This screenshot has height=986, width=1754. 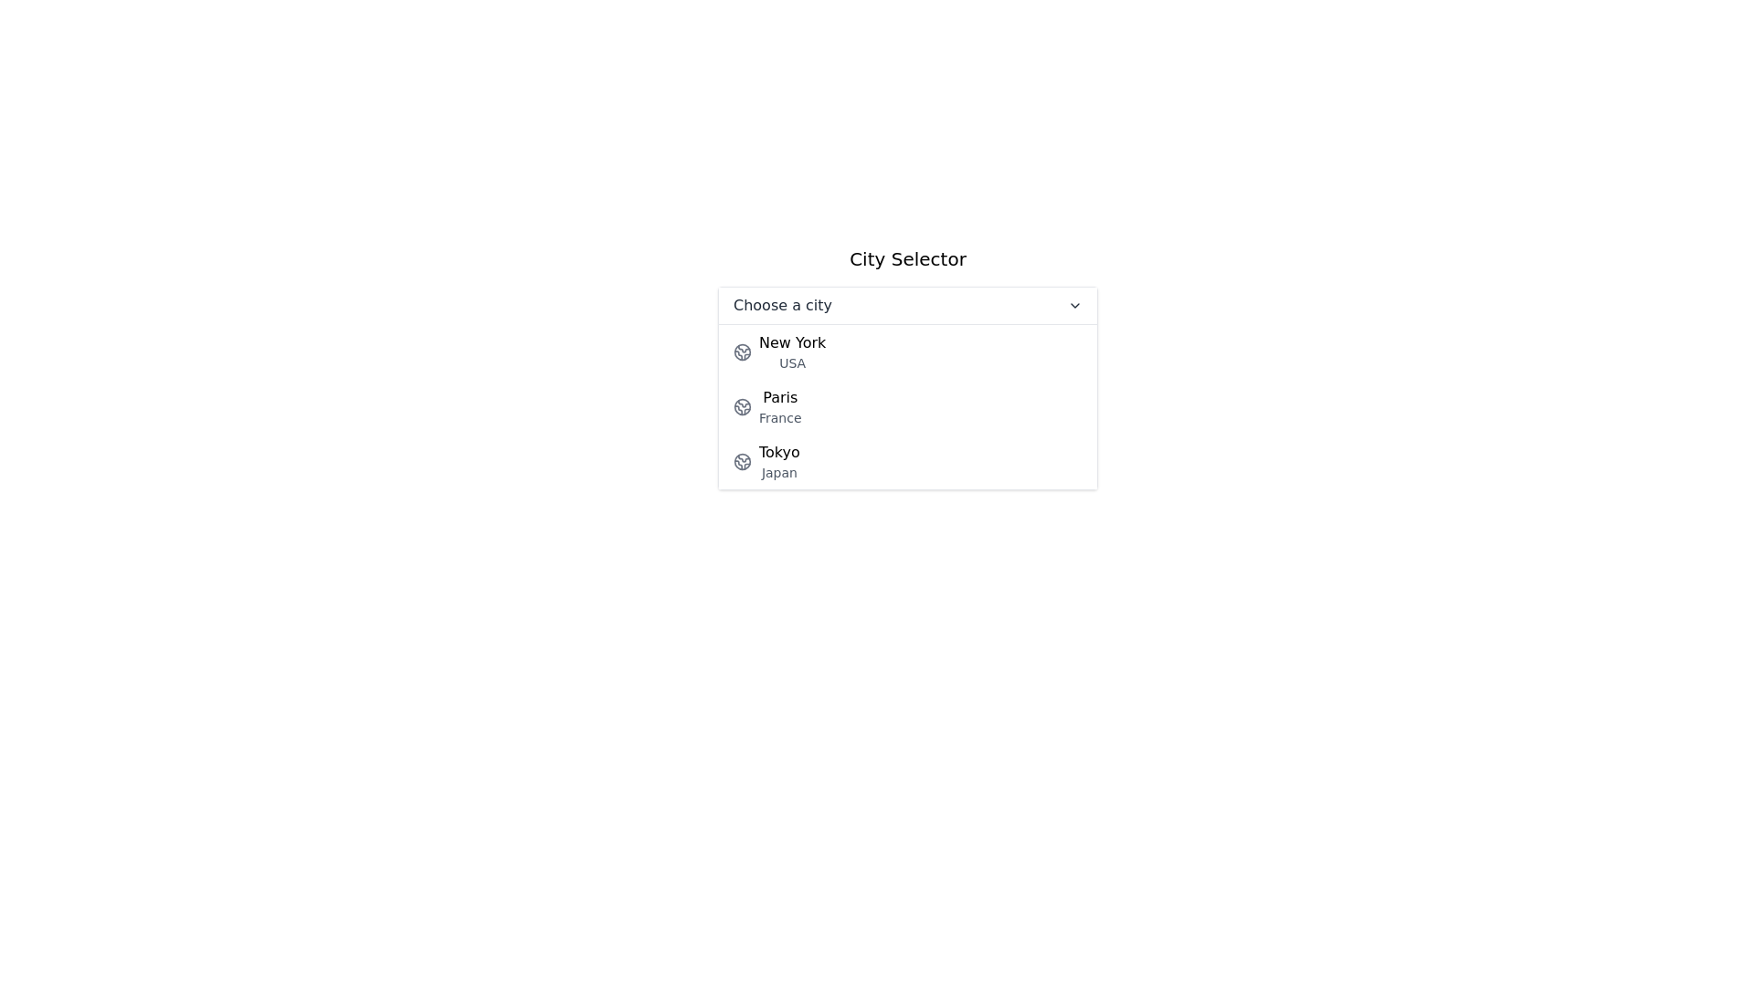 What do you see at coordinates (907, 386) in the screenshot?
I see `an option from the dropdown menu located centrally below the 'City Selector' heading by clicking on it` at bounding box center [907, 386].